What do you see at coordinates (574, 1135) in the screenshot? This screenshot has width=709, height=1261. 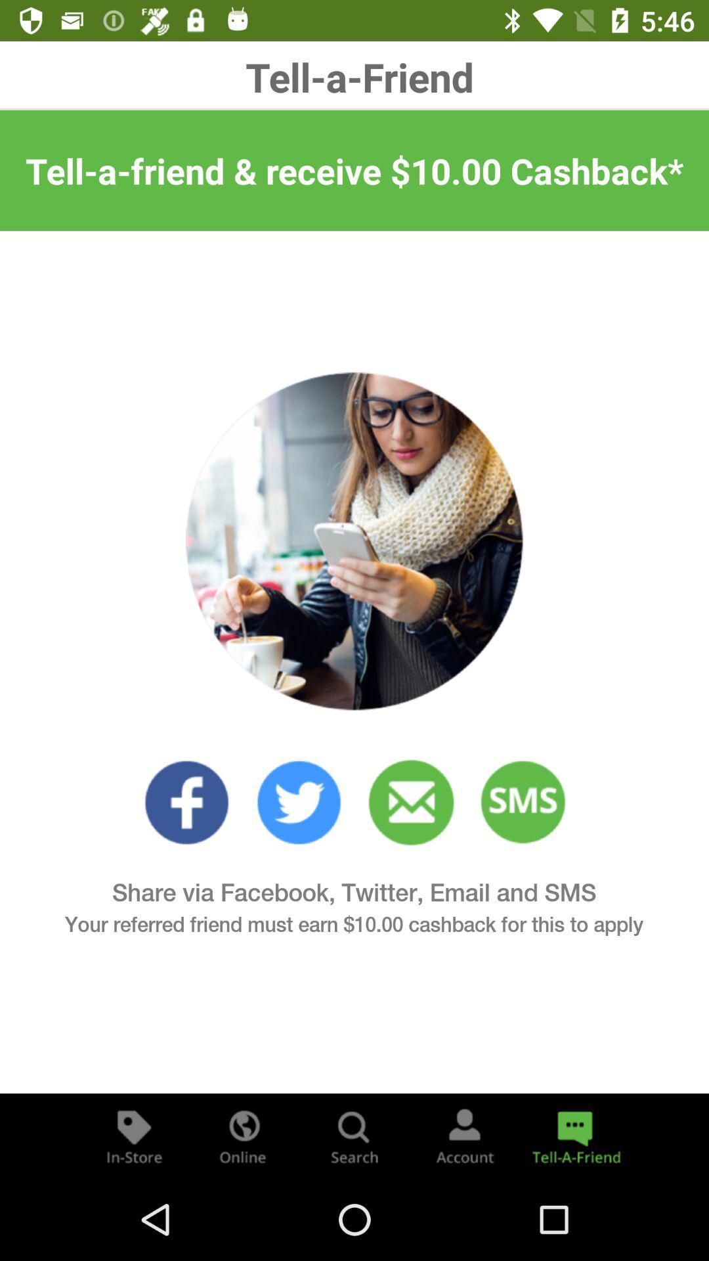 I see `chat window` at bounding box center [574, 1135].